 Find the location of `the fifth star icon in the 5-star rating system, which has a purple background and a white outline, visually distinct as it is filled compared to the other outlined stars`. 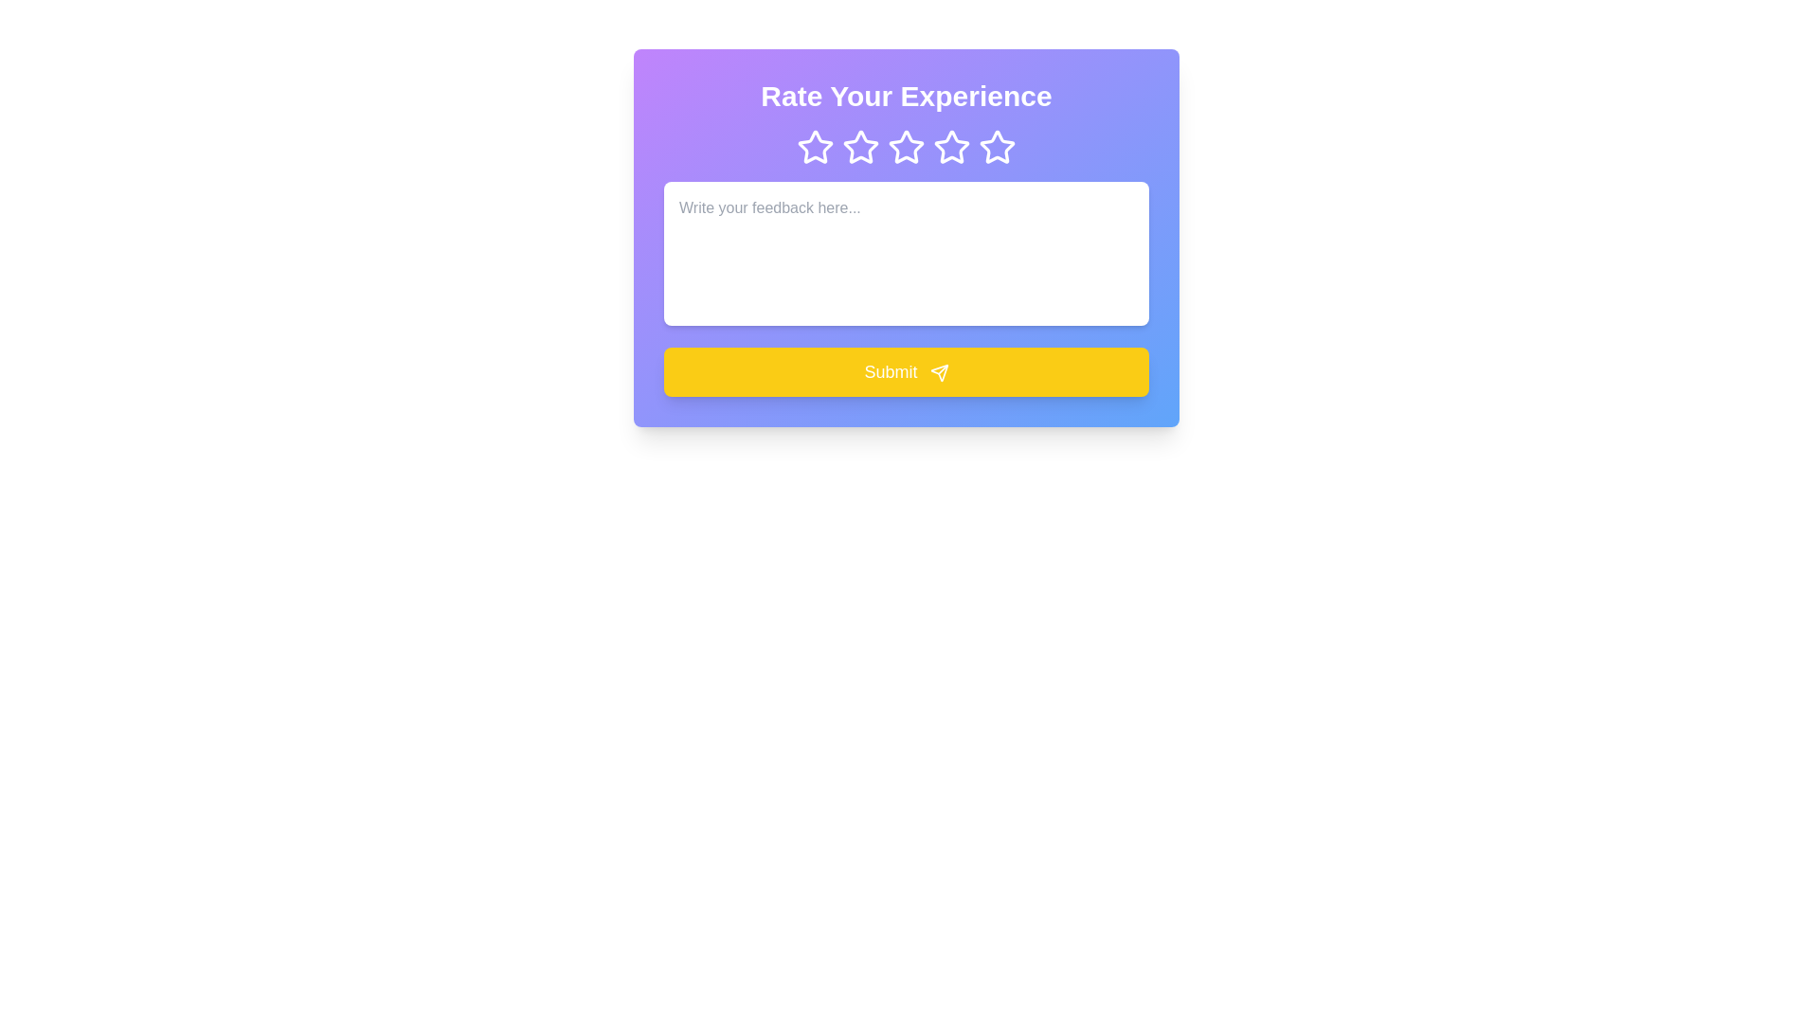

the fifth star icon in the 5-star rating system, which has a purple background and a white outline, visually distinct as it is filled compared to the other outlined stars is located at coordinates (996, 146).